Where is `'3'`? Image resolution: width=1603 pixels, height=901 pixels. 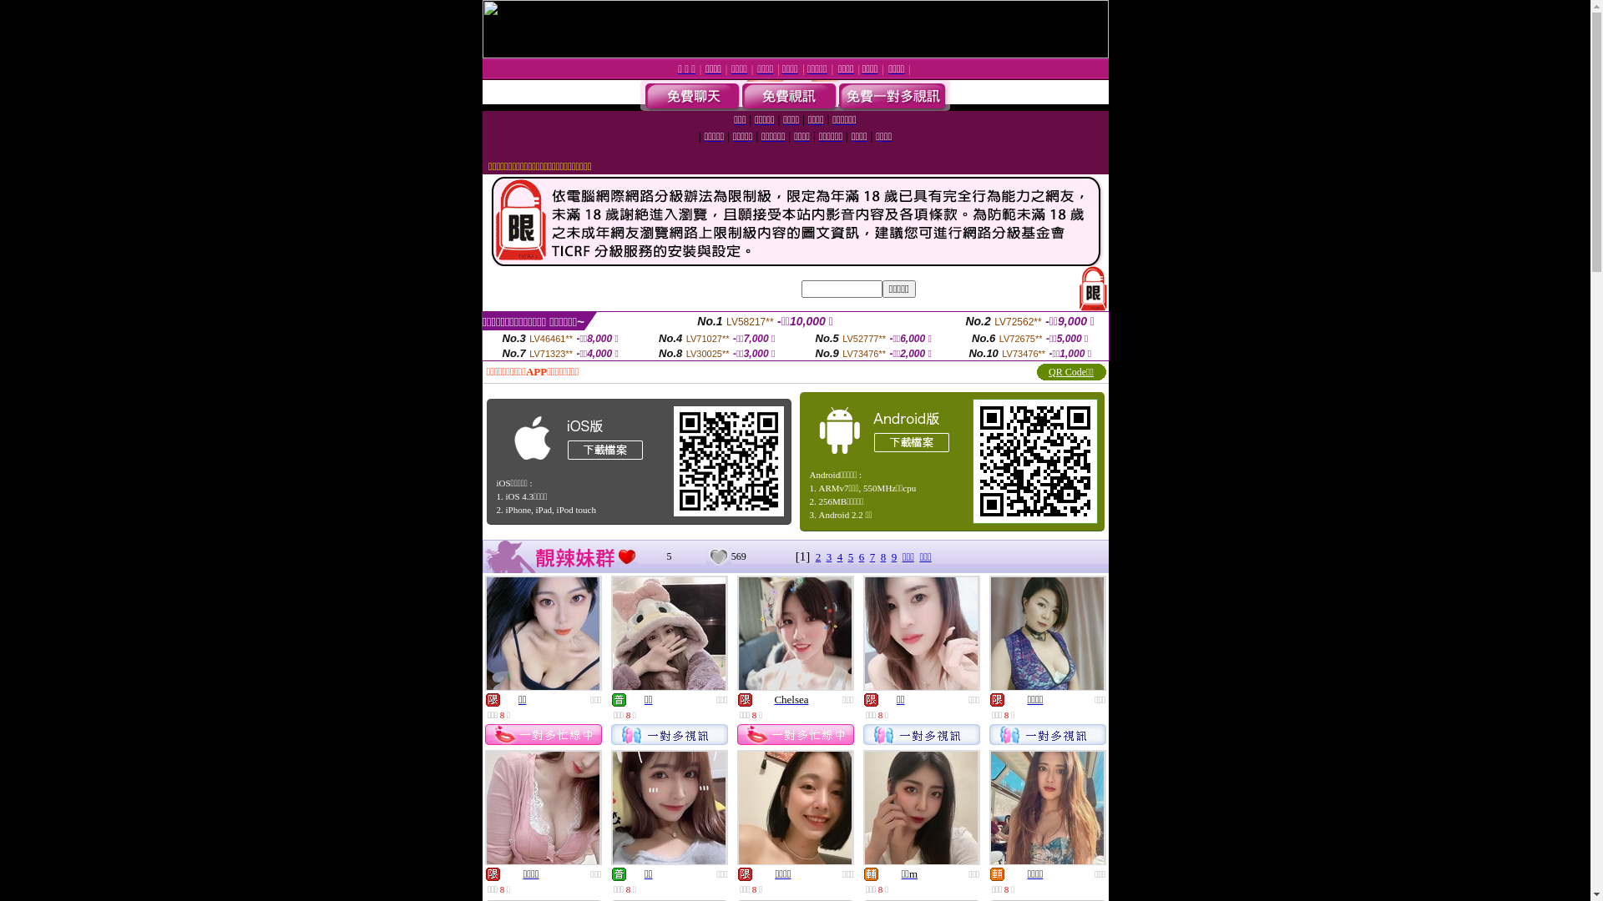
'3' is located at coordinates (829, 556).